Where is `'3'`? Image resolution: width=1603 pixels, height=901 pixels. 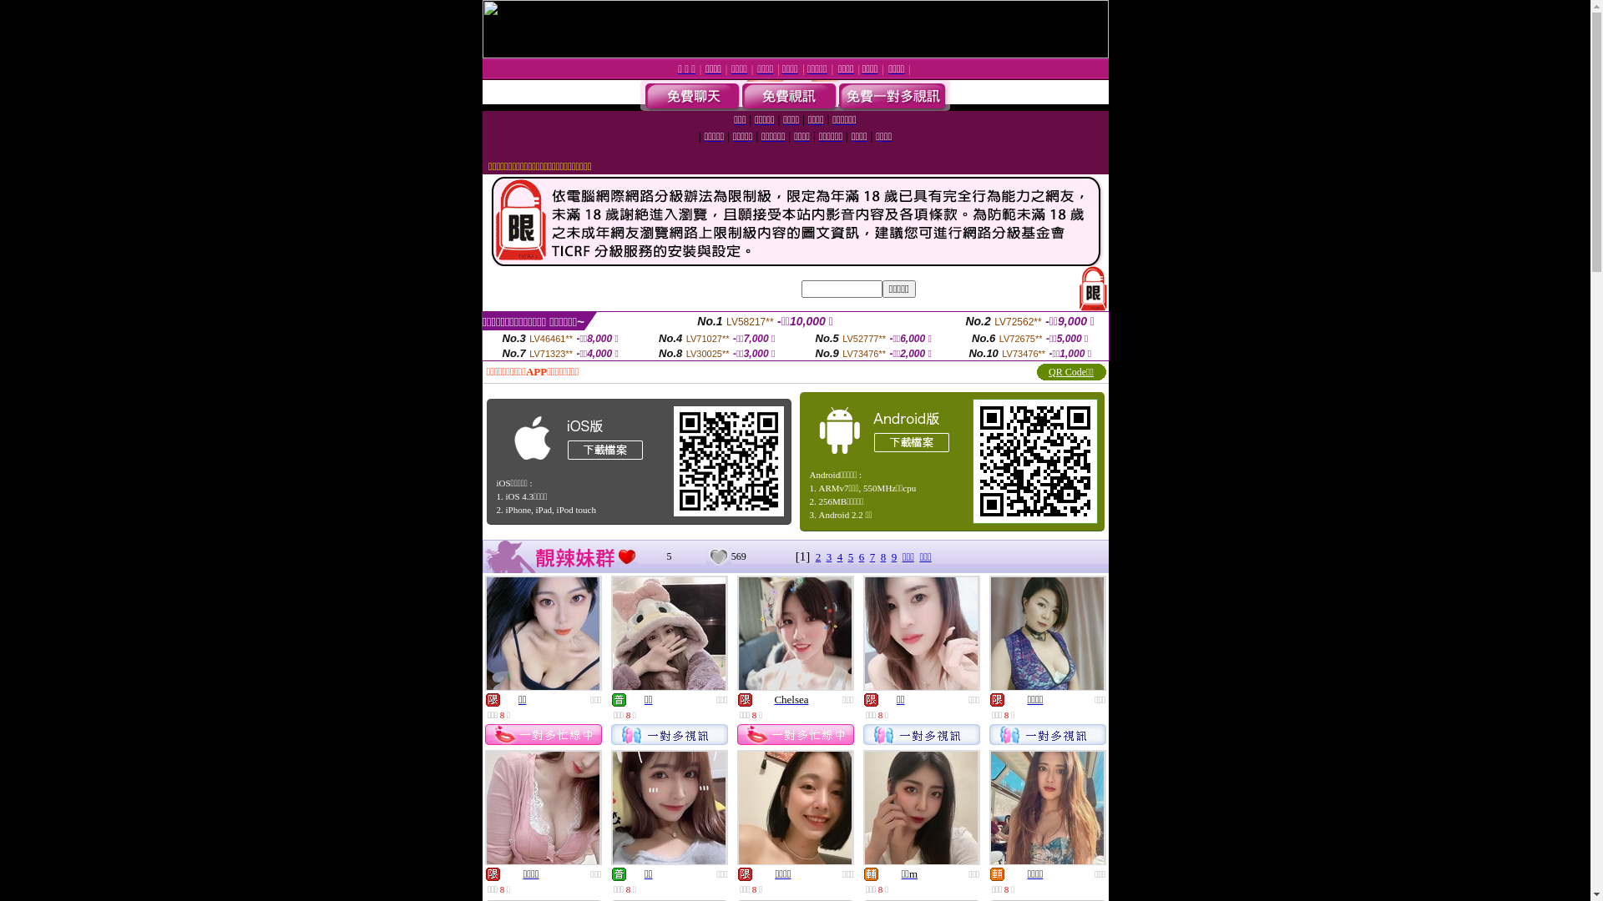
'3' is located at coordinates (829, 556).